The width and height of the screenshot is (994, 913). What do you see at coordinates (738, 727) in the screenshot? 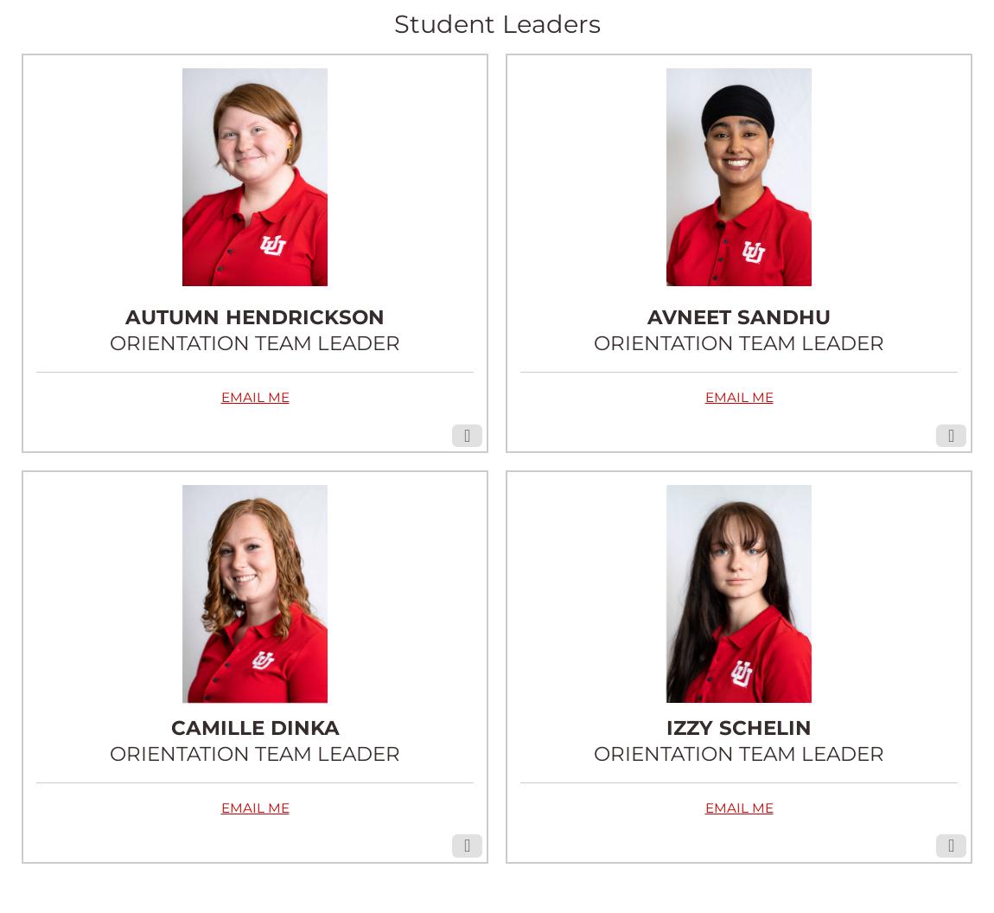
I see `'IZZY SCHELIN'` at bounding box center [738, 727].